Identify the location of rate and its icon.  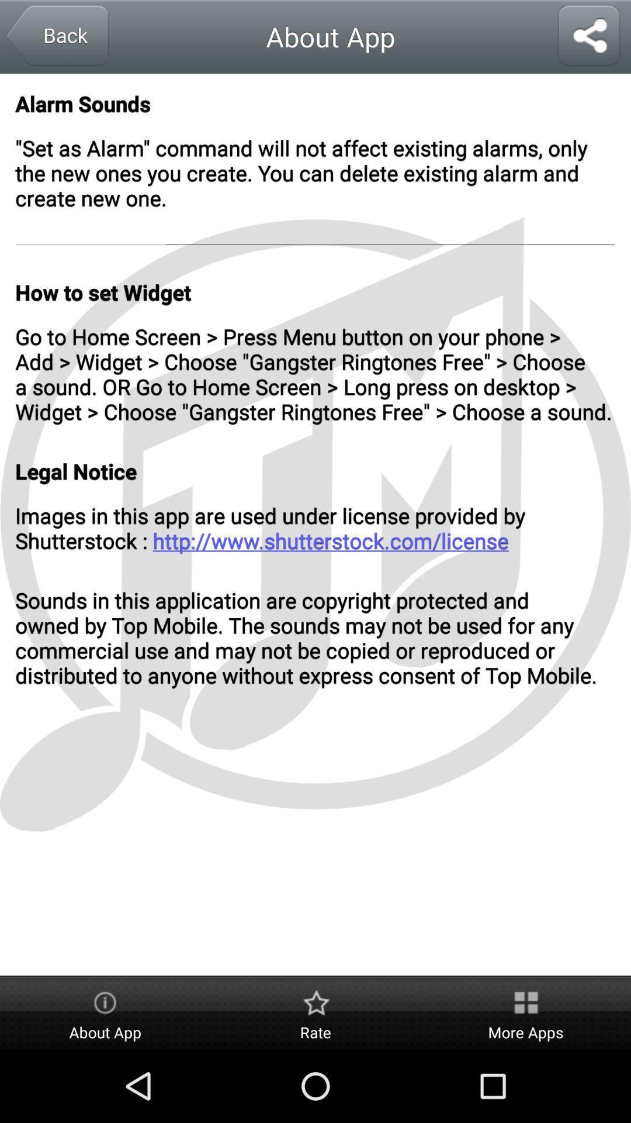
(315, 1013).